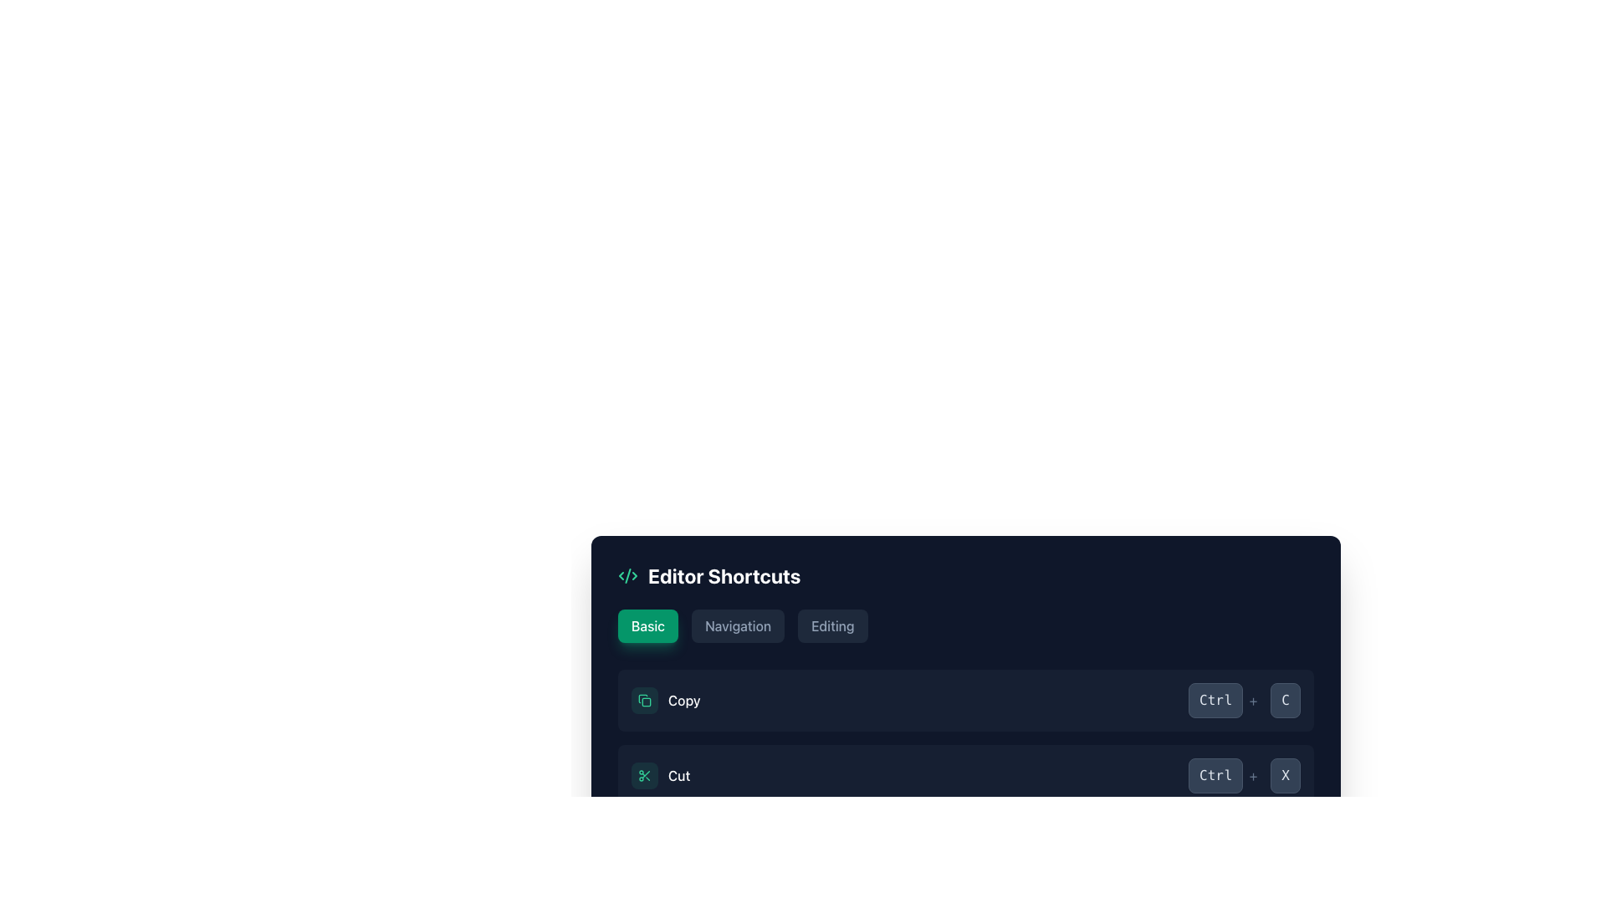  What do you see at coordinates (647, 625) in the screenshot?
I see `the leftmost button in the row of three buttons below the 'Editor Shortcuts' heading` at bounding box center [647, 625].